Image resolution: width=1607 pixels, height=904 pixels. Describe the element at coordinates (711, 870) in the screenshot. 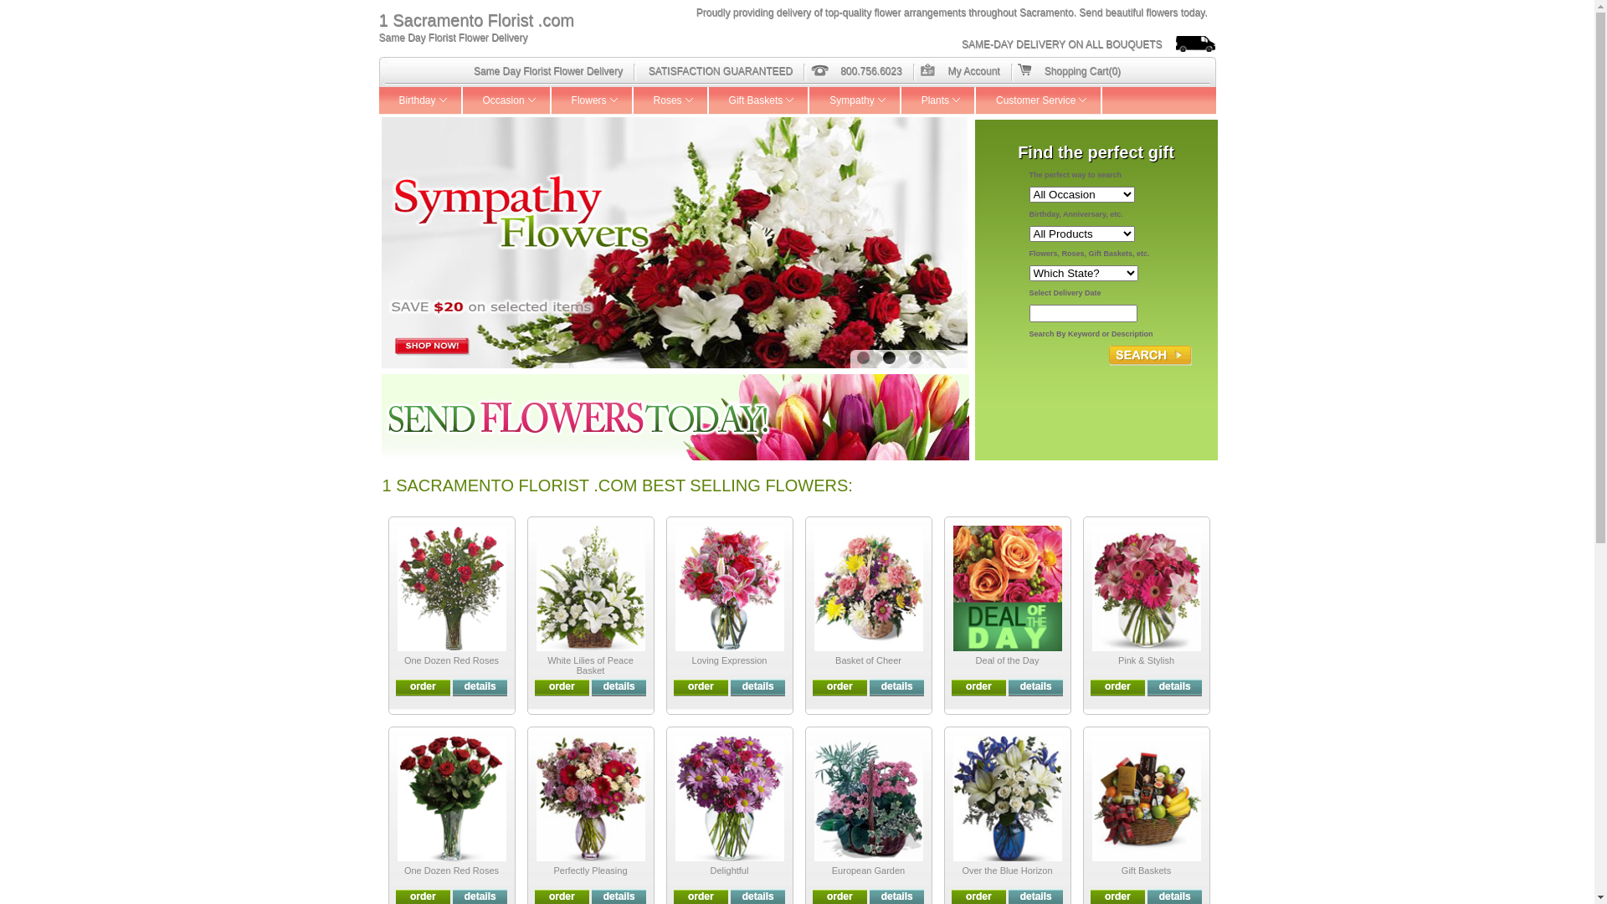

I see `'Delightful'` at that location.